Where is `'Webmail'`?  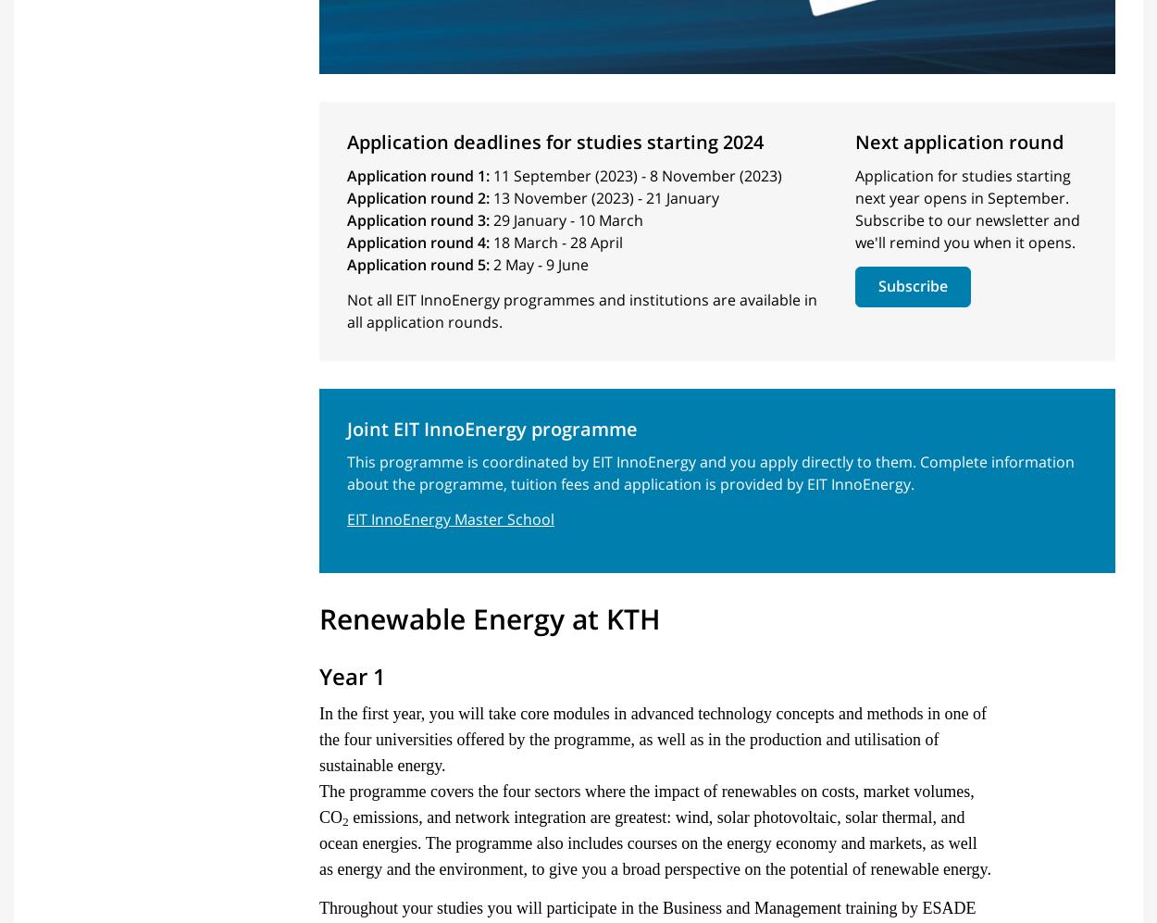
'Webmail' is located at coordinates (620, 719).